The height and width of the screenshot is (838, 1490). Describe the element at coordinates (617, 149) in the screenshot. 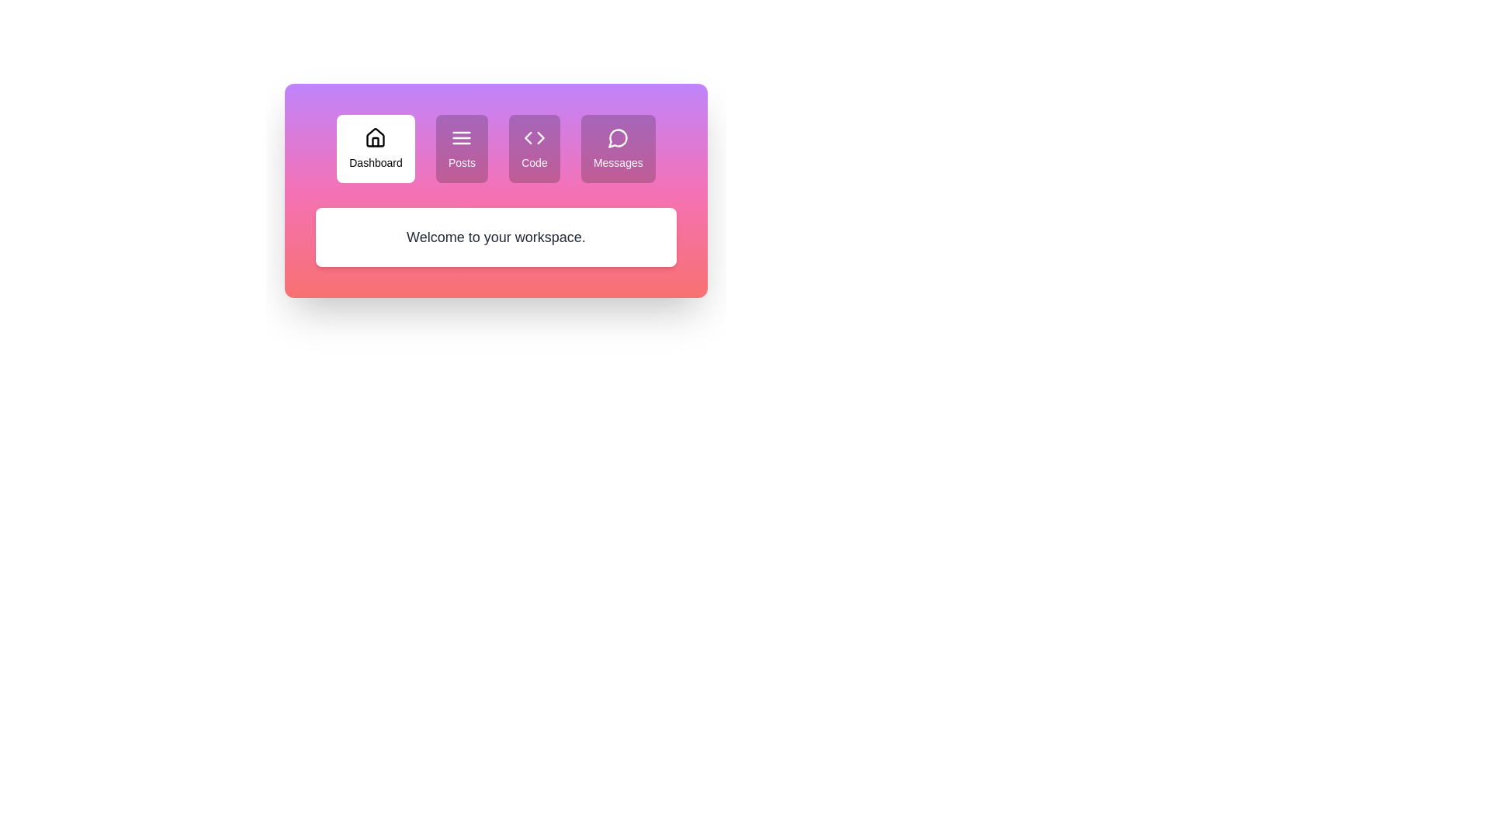

I see `the tab labeled Messages to navigate to its content` at that location.